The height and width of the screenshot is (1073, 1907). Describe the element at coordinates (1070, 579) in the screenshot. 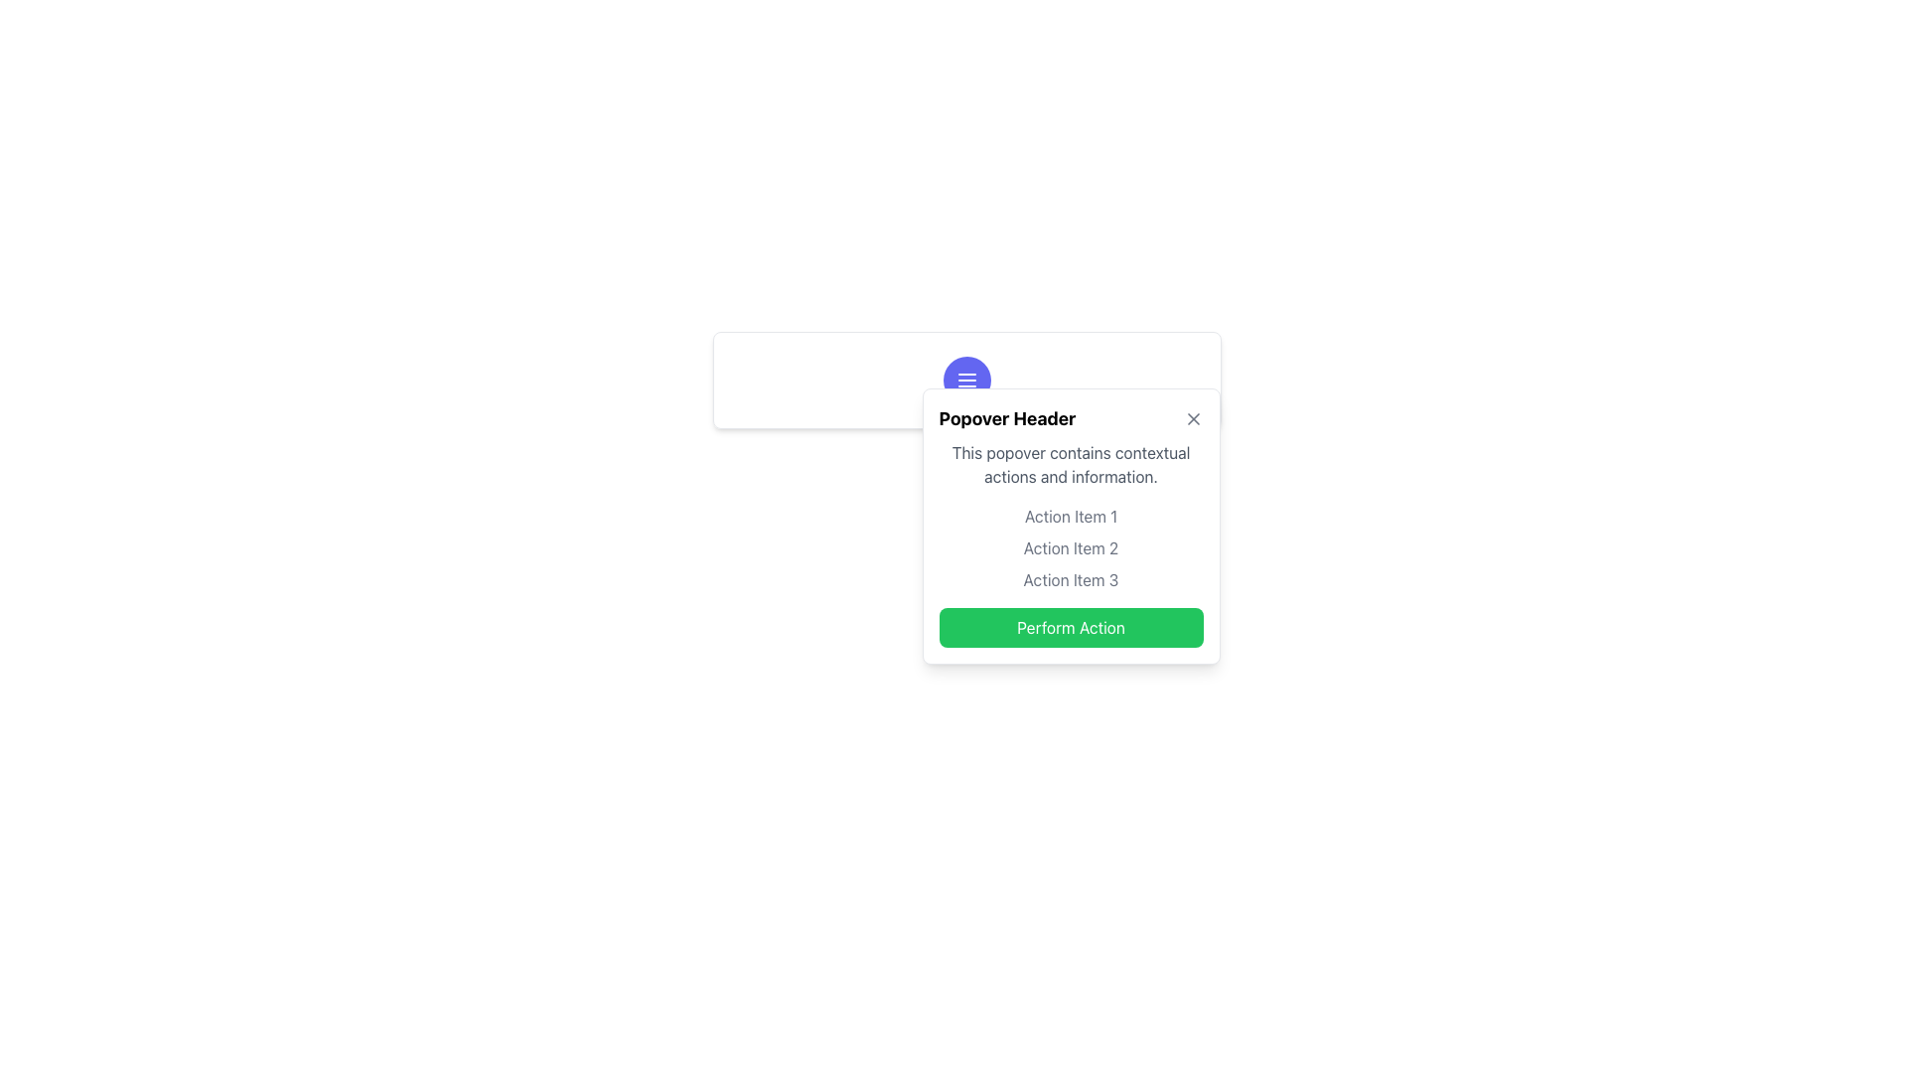

I see `the text element labeled 'Action Item 3' in the list, which is the third item below 'Action Item 1' and 'Action Item 2', displayed in gray font with an underline effect on hover` at that location.